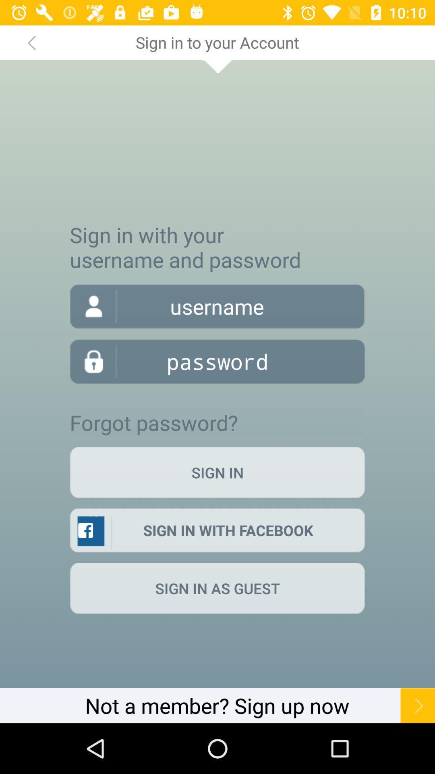 This screenshot has width=435, height=774. Describe the element at coordinates (31, 42) in the screenshot. I see `item next to the sign in to` at that location.